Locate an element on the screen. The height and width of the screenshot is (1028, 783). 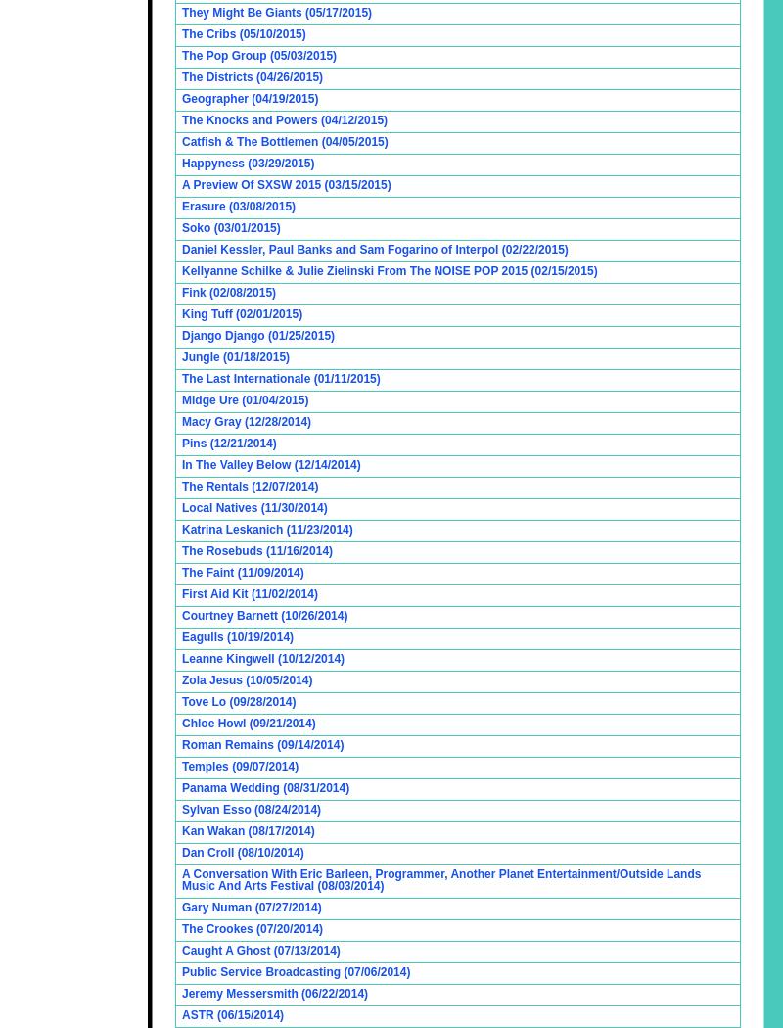
'Public Service Broadcasting (07/06/2014)' is located at coordinates (295, 971).